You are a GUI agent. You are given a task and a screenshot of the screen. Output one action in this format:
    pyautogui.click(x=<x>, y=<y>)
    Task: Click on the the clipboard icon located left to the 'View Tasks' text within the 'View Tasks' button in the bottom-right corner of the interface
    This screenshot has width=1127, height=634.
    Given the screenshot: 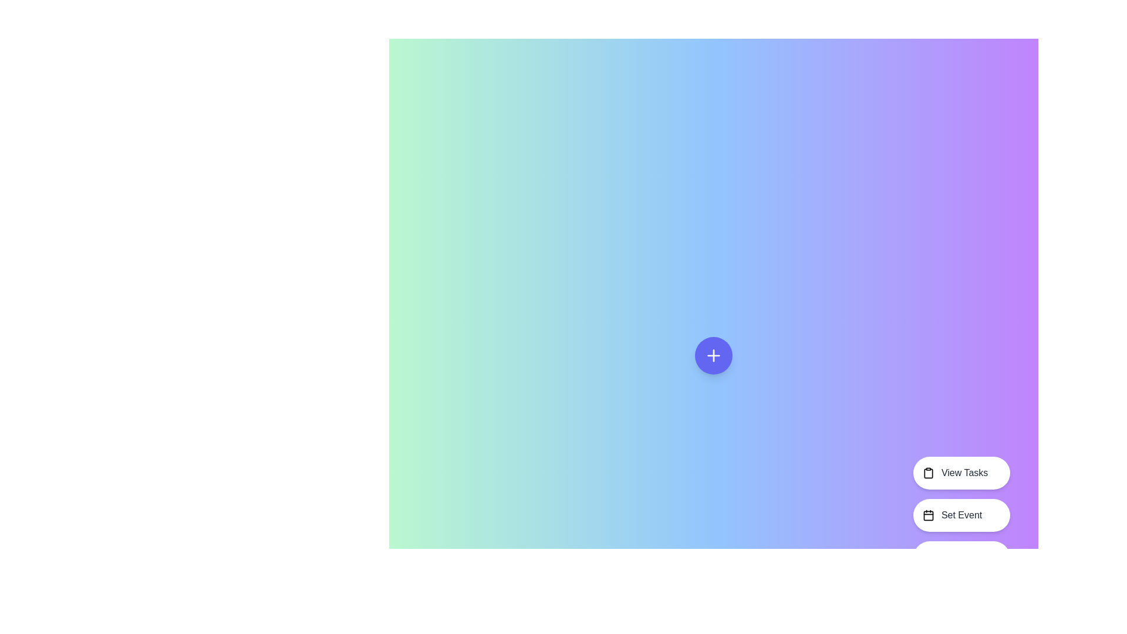 What is the action you would take?
    pyautogui.click(x=927, y=473)
    